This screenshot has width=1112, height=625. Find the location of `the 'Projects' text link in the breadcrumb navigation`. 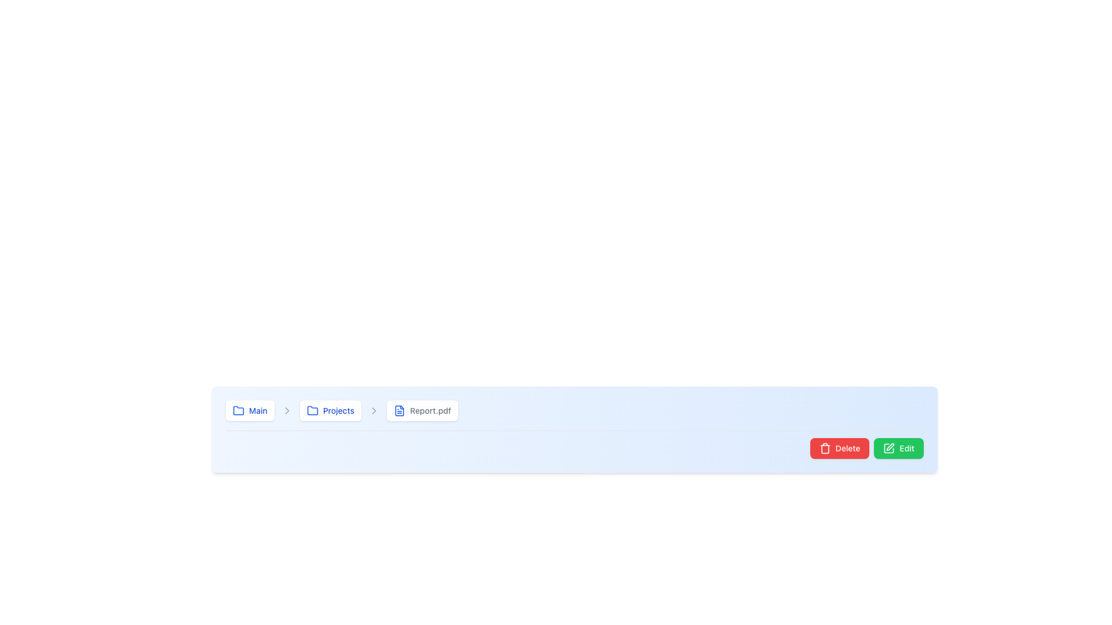

the 'Projects' text link in the breadcrumb navigation is located at coordinates (338, 410).